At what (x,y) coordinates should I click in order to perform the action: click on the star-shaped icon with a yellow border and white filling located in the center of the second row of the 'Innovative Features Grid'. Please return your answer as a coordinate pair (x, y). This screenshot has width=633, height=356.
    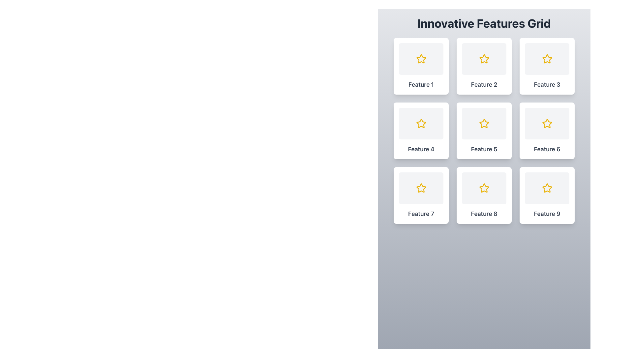
    Looking at the image, I should click on (484, 123).